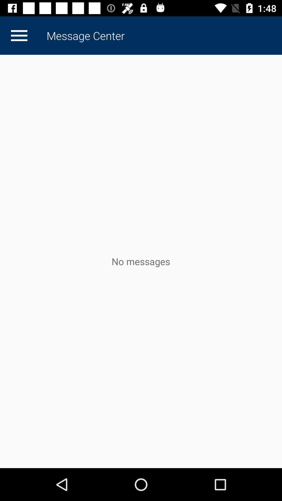  Describe the element at coordinates (19, 35) in the screenshot. I see `item at the top left corner` at that location.